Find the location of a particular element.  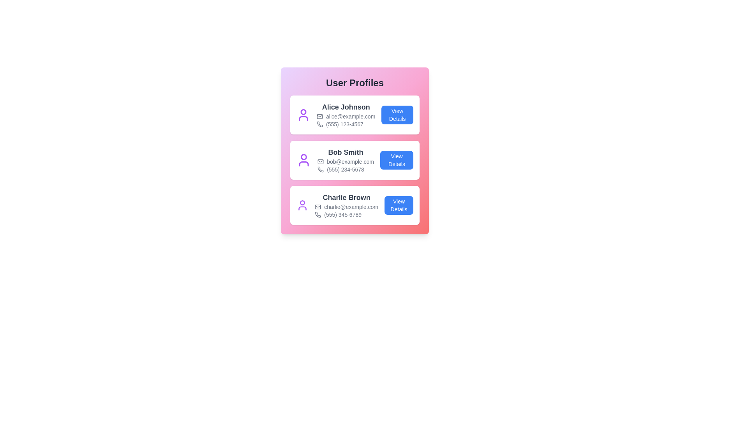

the user icon for the user Alice Johnson is located at coordinates (303, 115).